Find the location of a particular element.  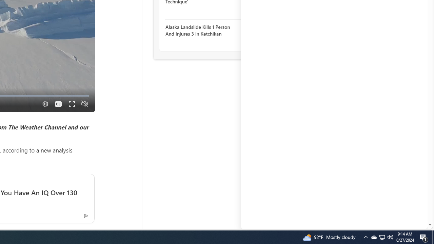

'Fullscreen' is located at coordinates (72, 104).